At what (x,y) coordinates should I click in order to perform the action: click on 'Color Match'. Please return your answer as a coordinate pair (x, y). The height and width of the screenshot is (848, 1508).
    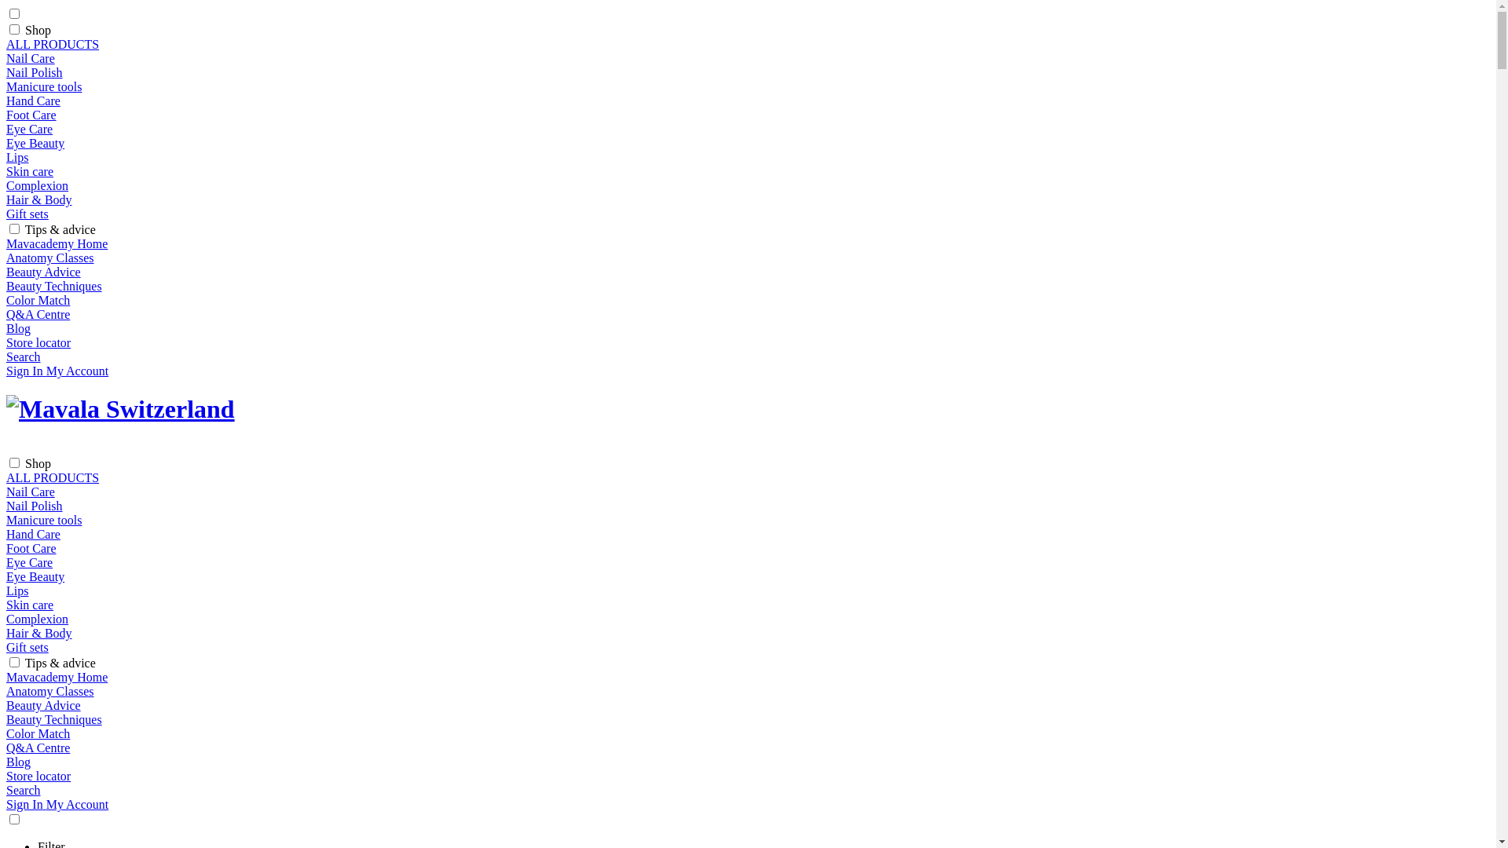
    Looking at the image, I should click on (38, 300).